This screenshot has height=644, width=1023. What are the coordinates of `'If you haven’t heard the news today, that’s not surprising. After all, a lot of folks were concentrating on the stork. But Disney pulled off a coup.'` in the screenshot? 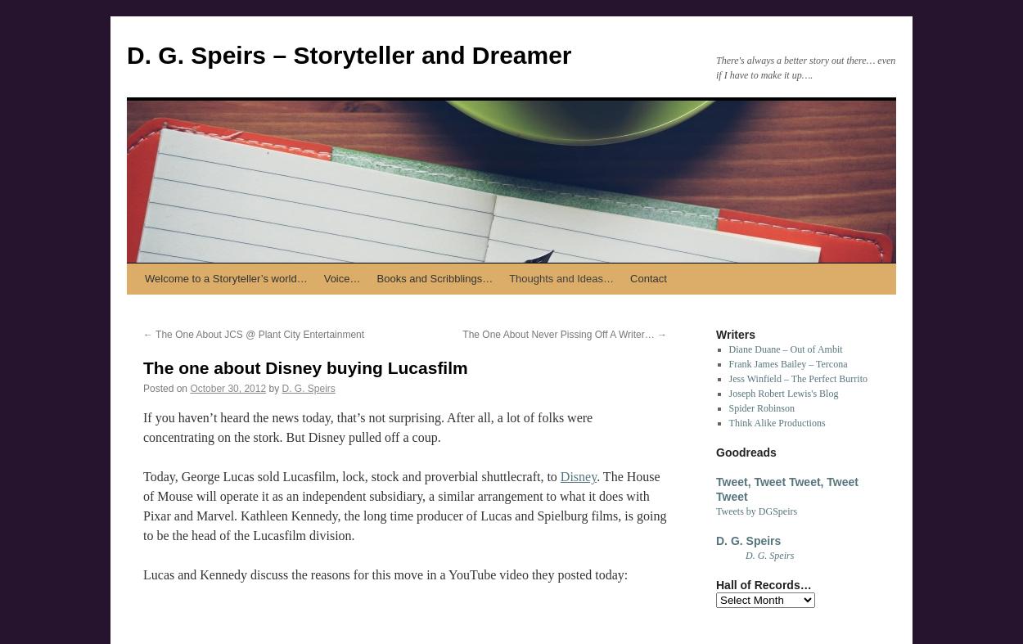 It's located at (367, 427).